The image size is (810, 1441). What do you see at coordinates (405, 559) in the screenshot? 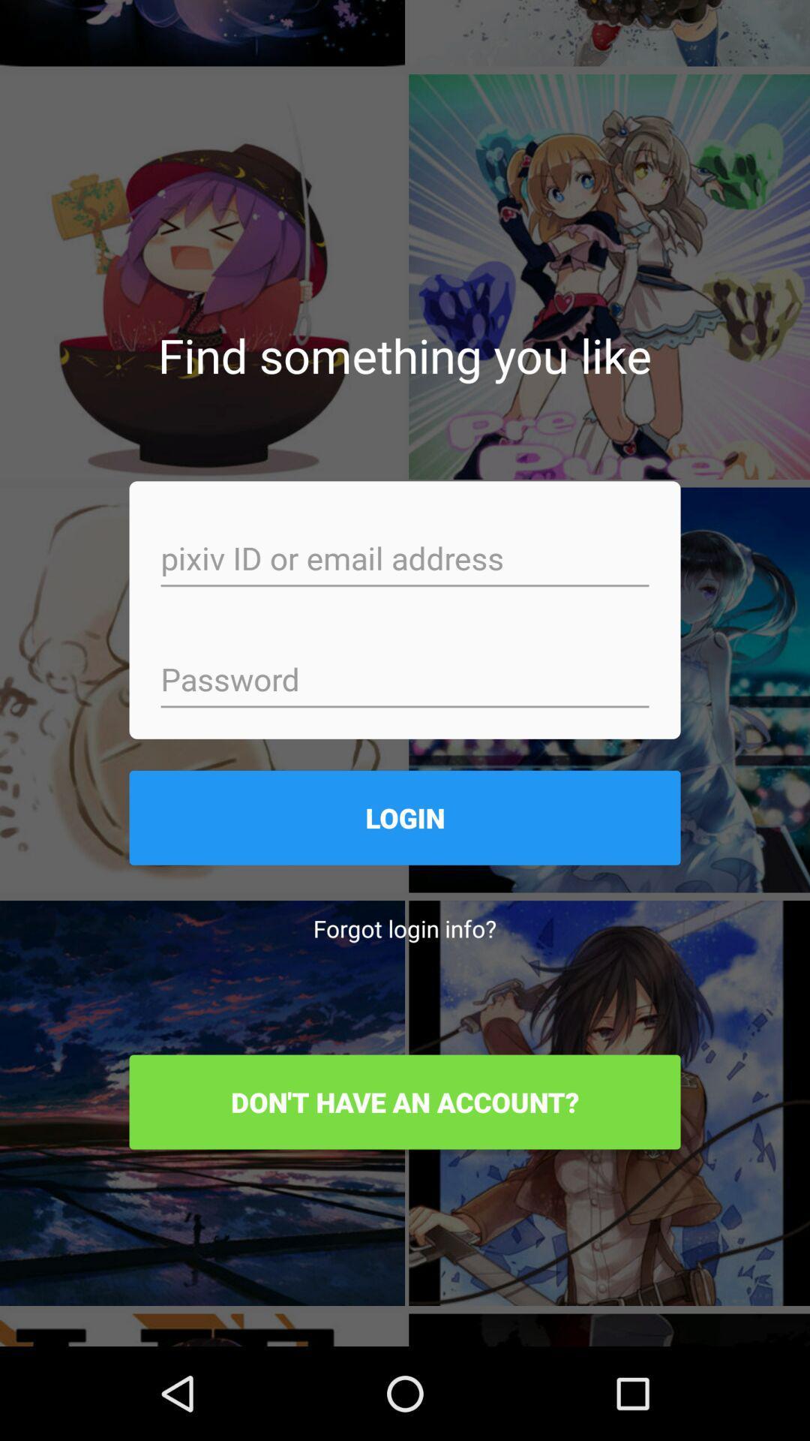
I see `your email address or id` at bounding box center [405, 559].